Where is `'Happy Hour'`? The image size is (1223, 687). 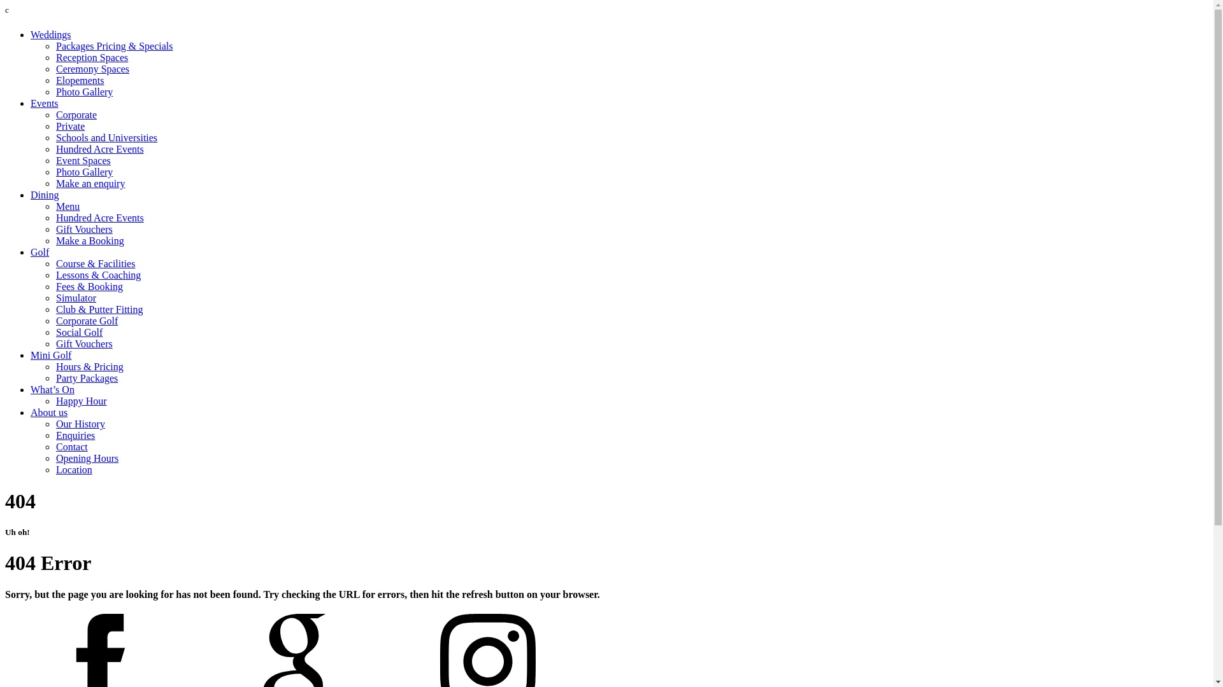 'Happy Hour' is located at coordinates (81, 401).